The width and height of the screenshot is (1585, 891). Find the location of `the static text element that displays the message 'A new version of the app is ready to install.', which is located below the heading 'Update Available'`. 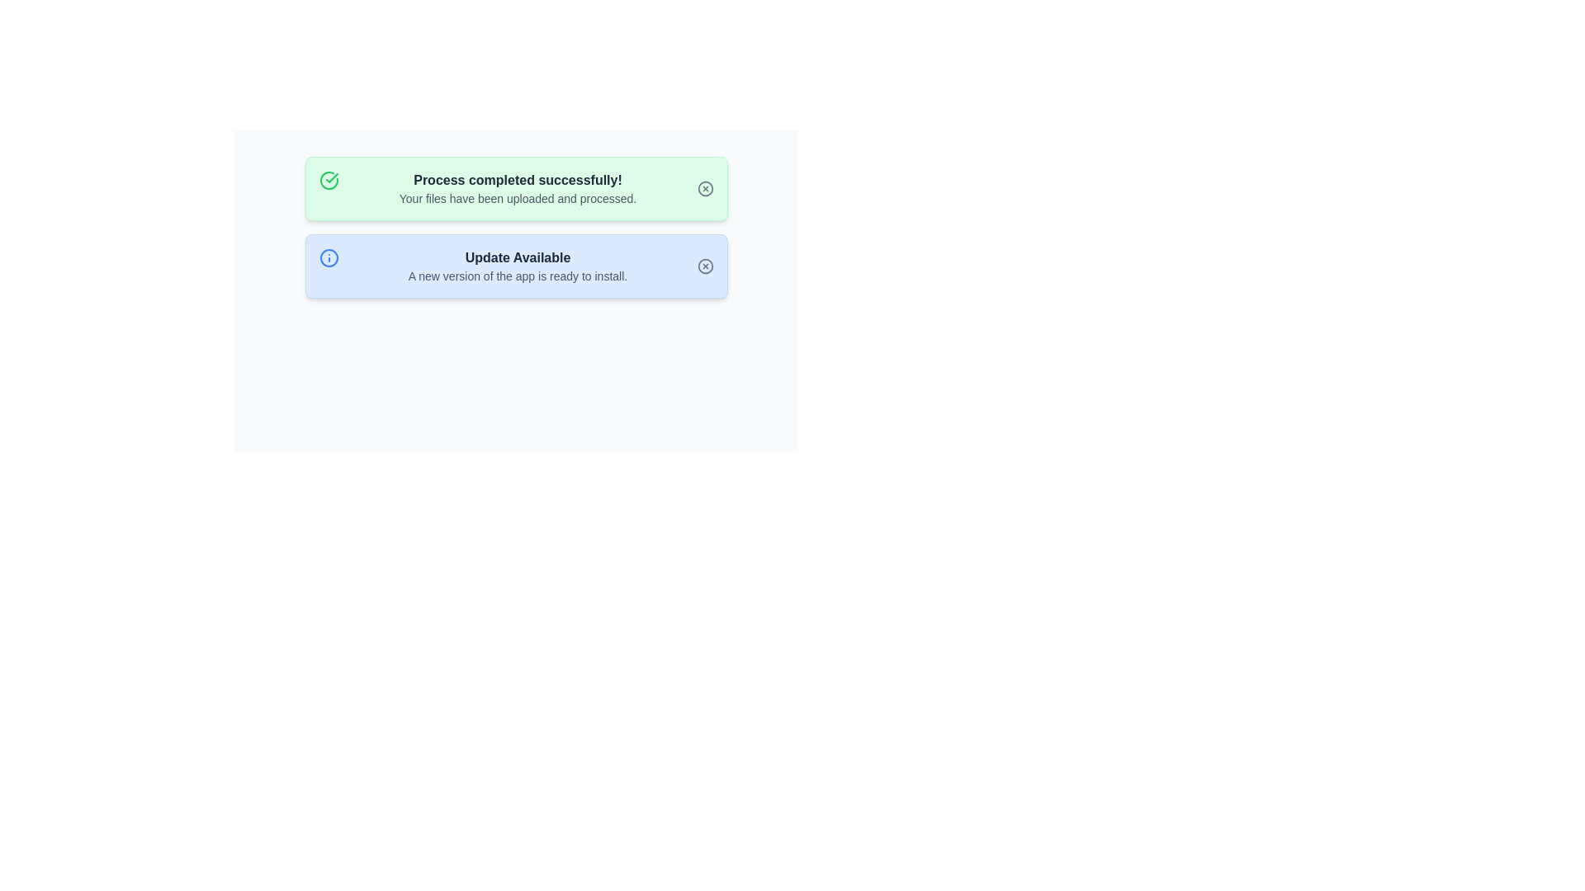

the static text element that displays the message 'A new version of the app is ready to install.', which is located below the heading 'Update Available' is located at coordinates (517, 276).